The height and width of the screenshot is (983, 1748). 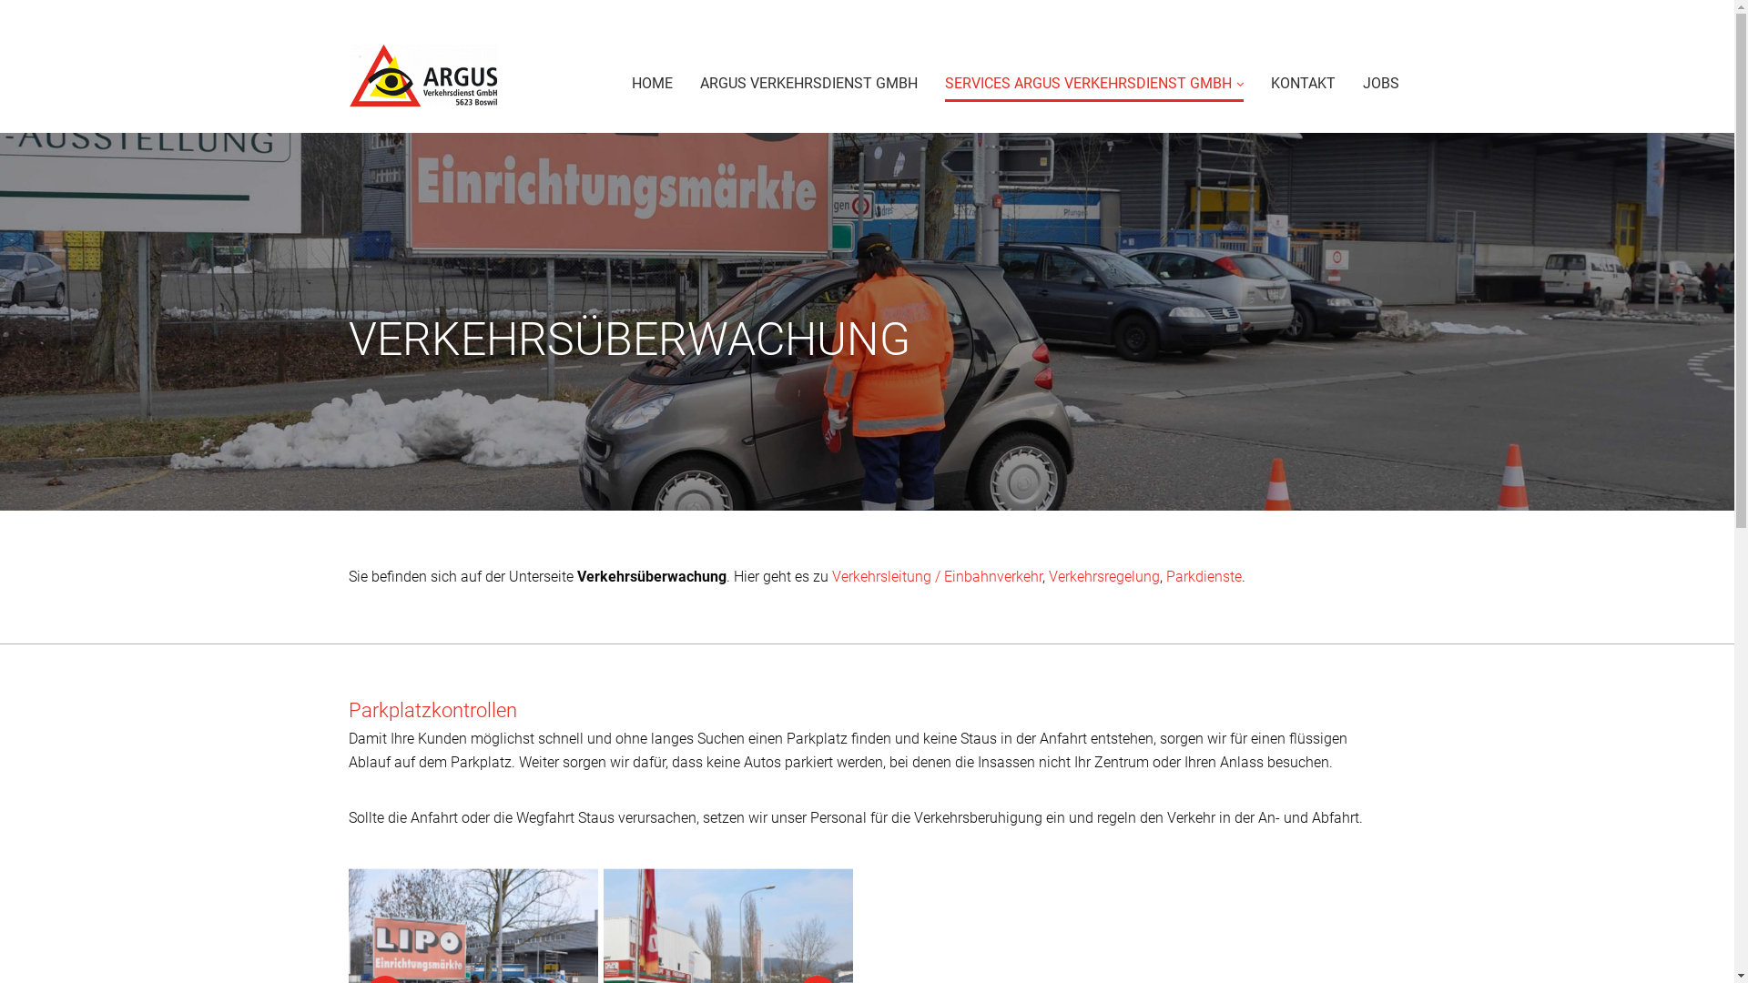 I want to click on 'Verkehrsleitung / Einbahnverkehr', so click(x=830, y=576).